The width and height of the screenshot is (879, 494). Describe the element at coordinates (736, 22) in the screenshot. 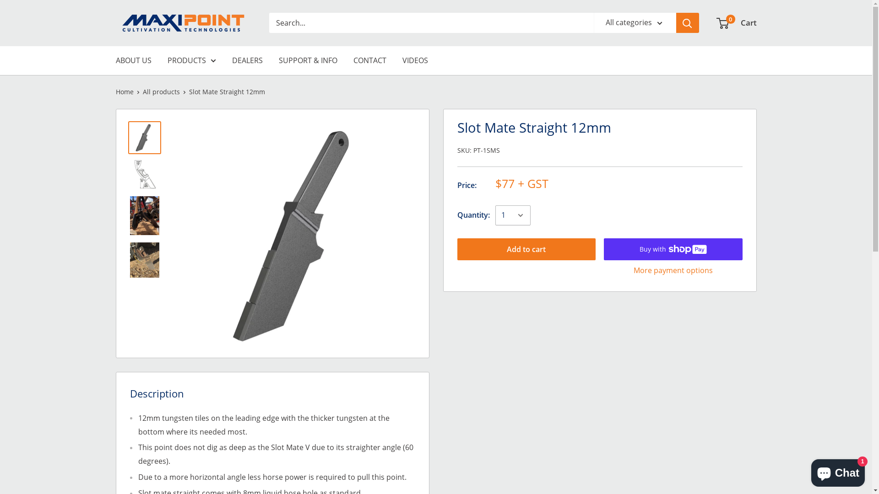

I see `'0` at that location.